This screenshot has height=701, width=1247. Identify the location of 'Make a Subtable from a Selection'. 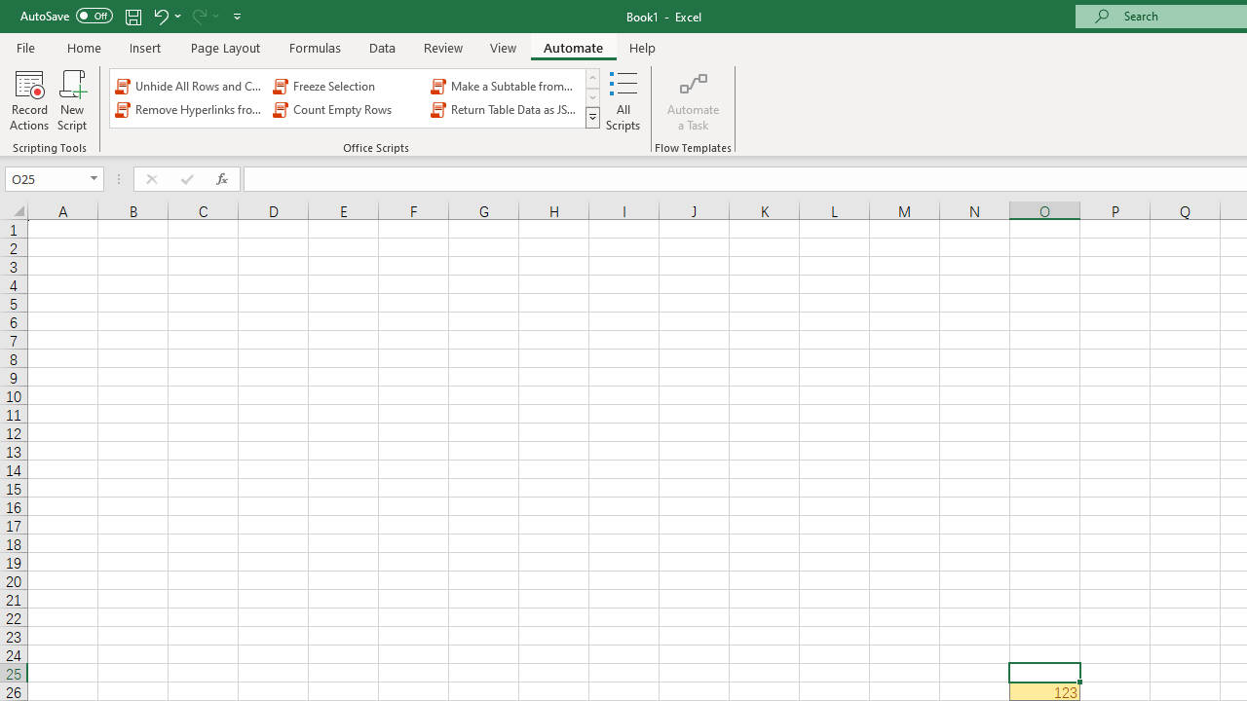
(506, 85).